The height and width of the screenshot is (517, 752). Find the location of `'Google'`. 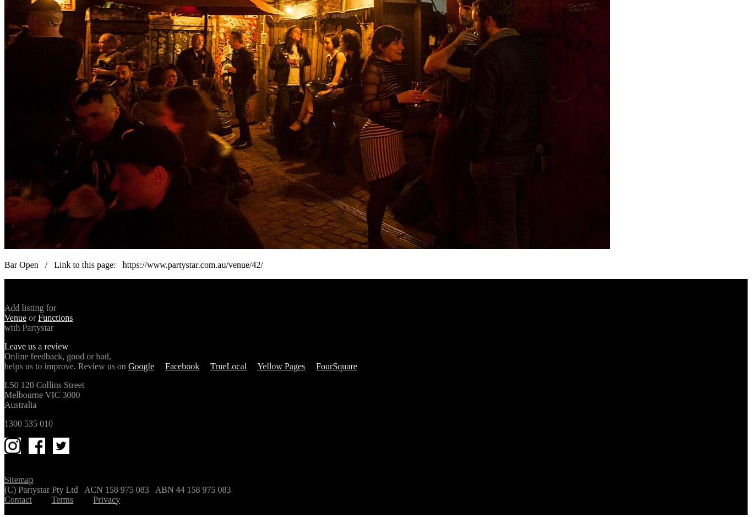

'Google' is located at coordinates (140, 365).